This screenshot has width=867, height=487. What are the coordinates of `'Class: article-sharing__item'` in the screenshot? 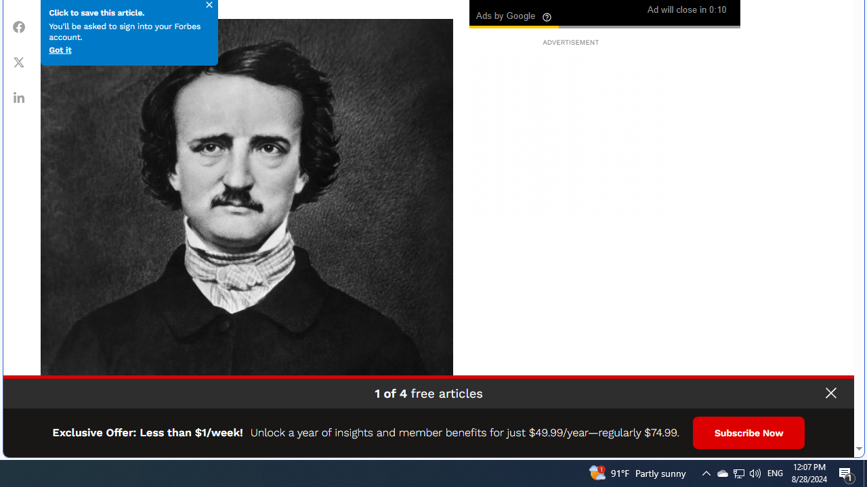 It's located at (19, 96).